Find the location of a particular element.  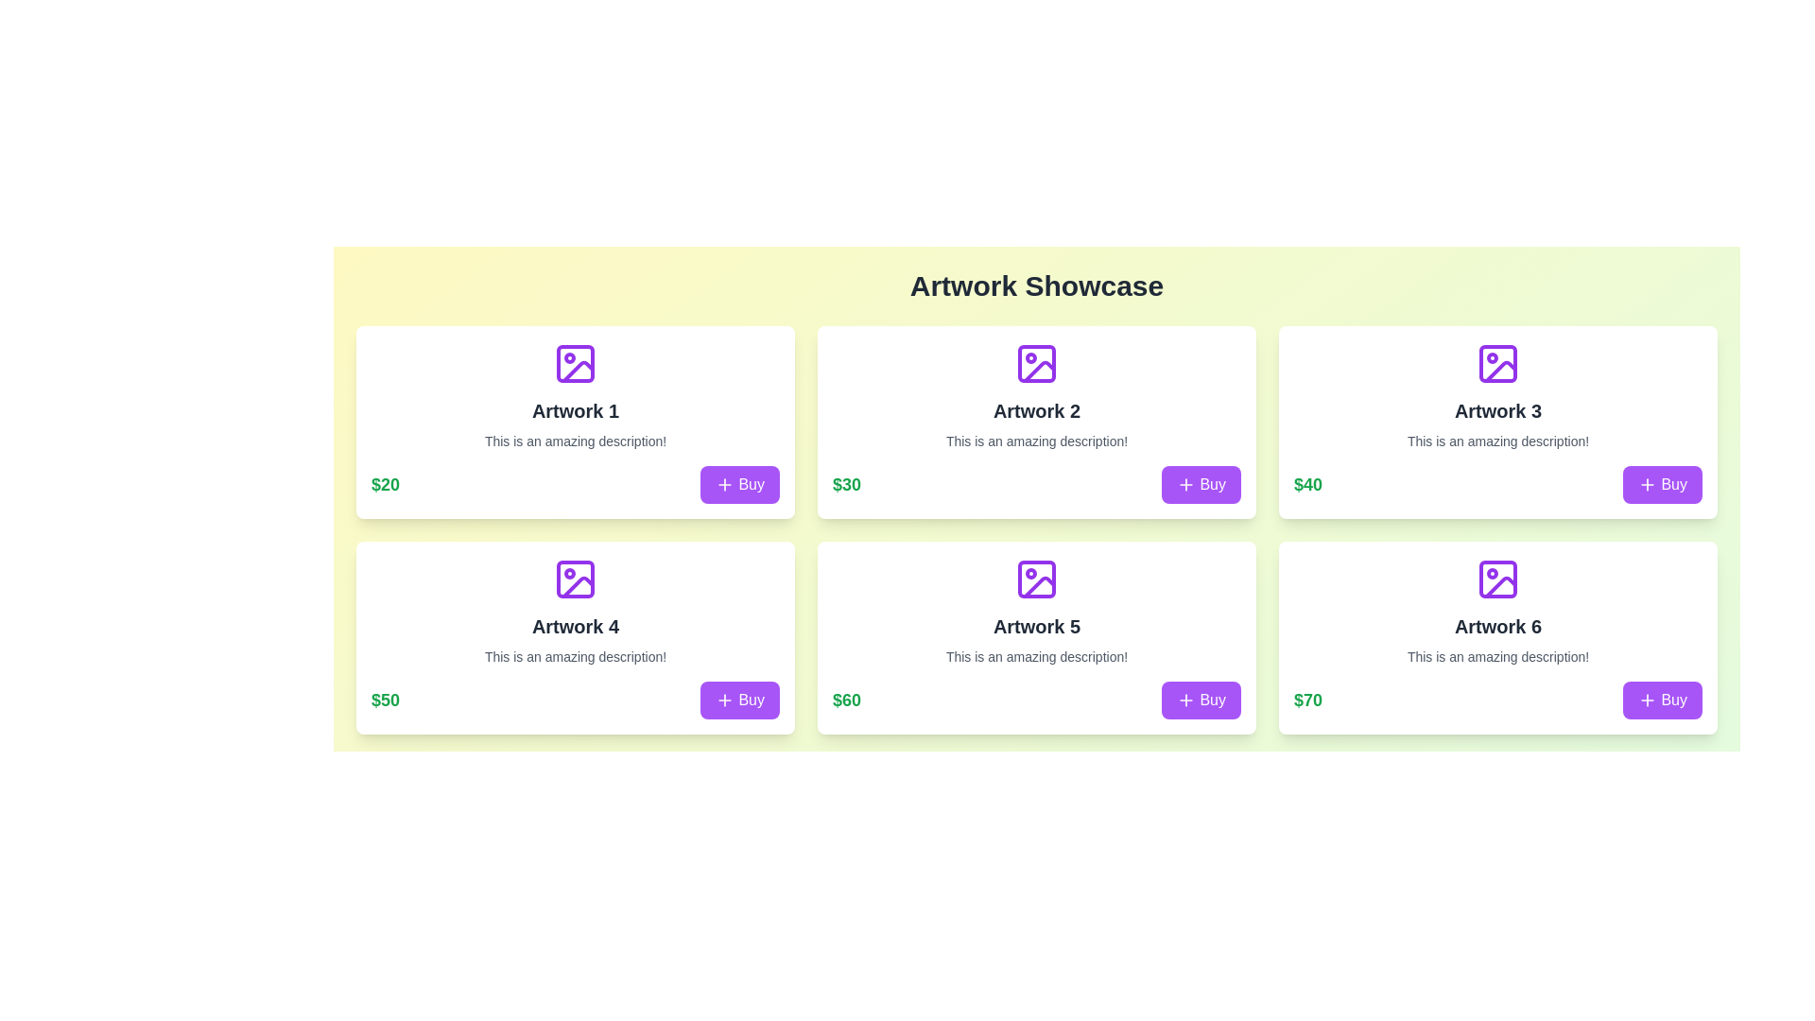

the small rectangle within the graphical icon of the 'Artwork 2' card, located at the center-top of the card is located at coordinates (1036, 364).